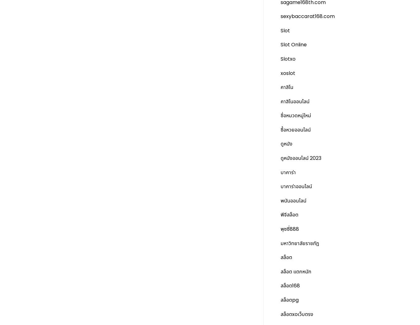  I want to click on 'สล็อต168', so click(290, 286).